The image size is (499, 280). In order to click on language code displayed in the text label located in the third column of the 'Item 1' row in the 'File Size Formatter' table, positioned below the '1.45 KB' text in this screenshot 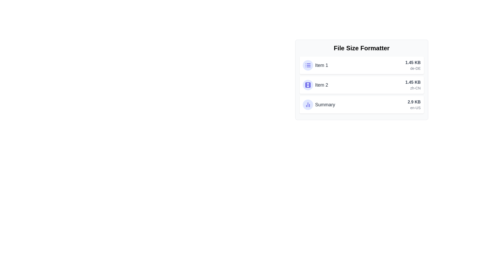, I will do `click(413, 68)`.